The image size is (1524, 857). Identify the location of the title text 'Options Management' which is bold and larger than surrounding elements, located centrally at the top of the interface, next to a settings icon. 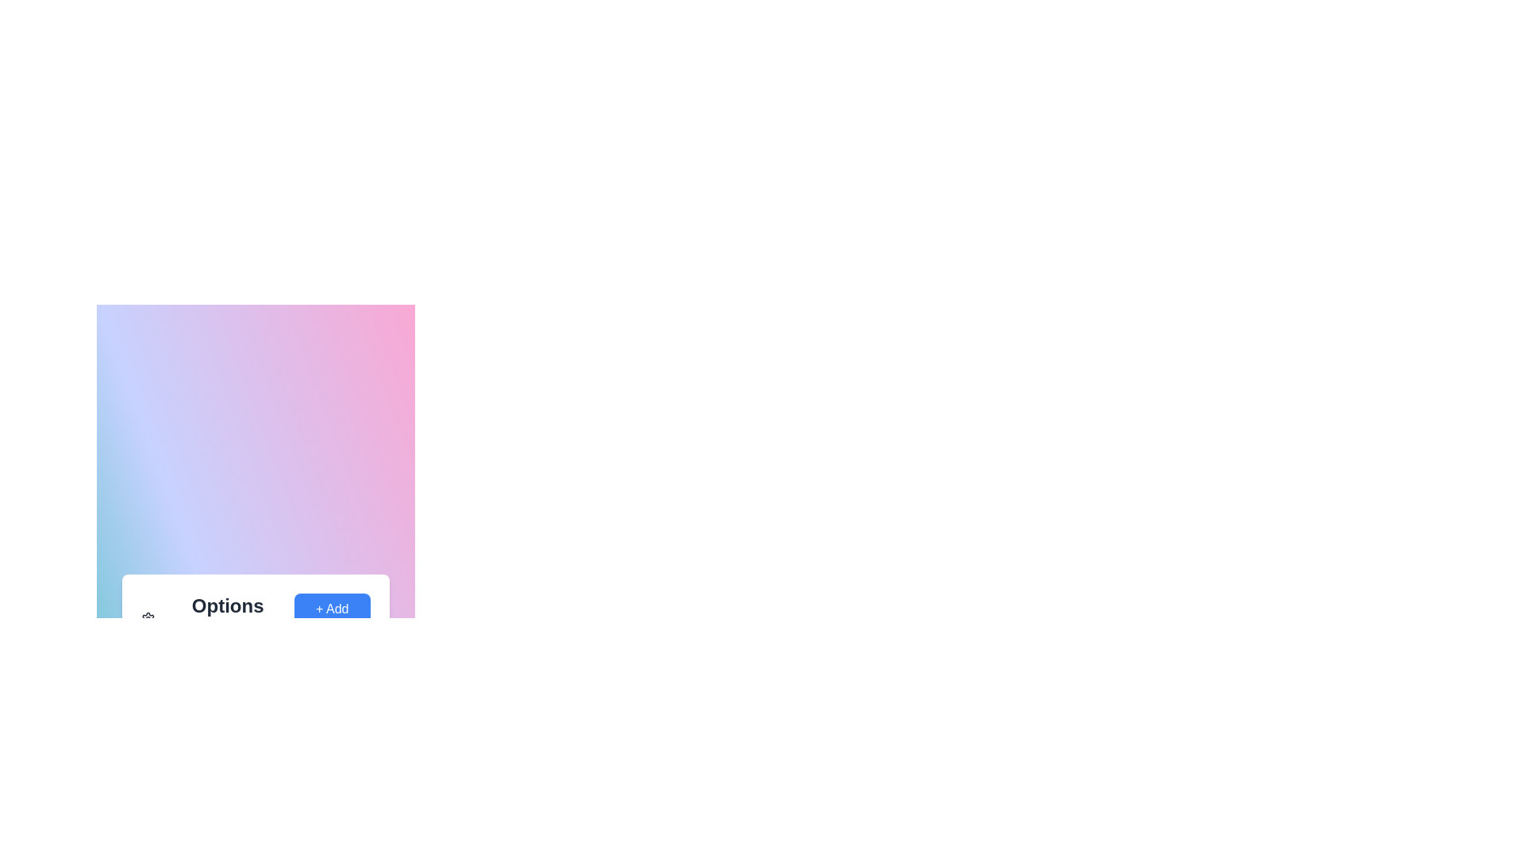
(217, 617).